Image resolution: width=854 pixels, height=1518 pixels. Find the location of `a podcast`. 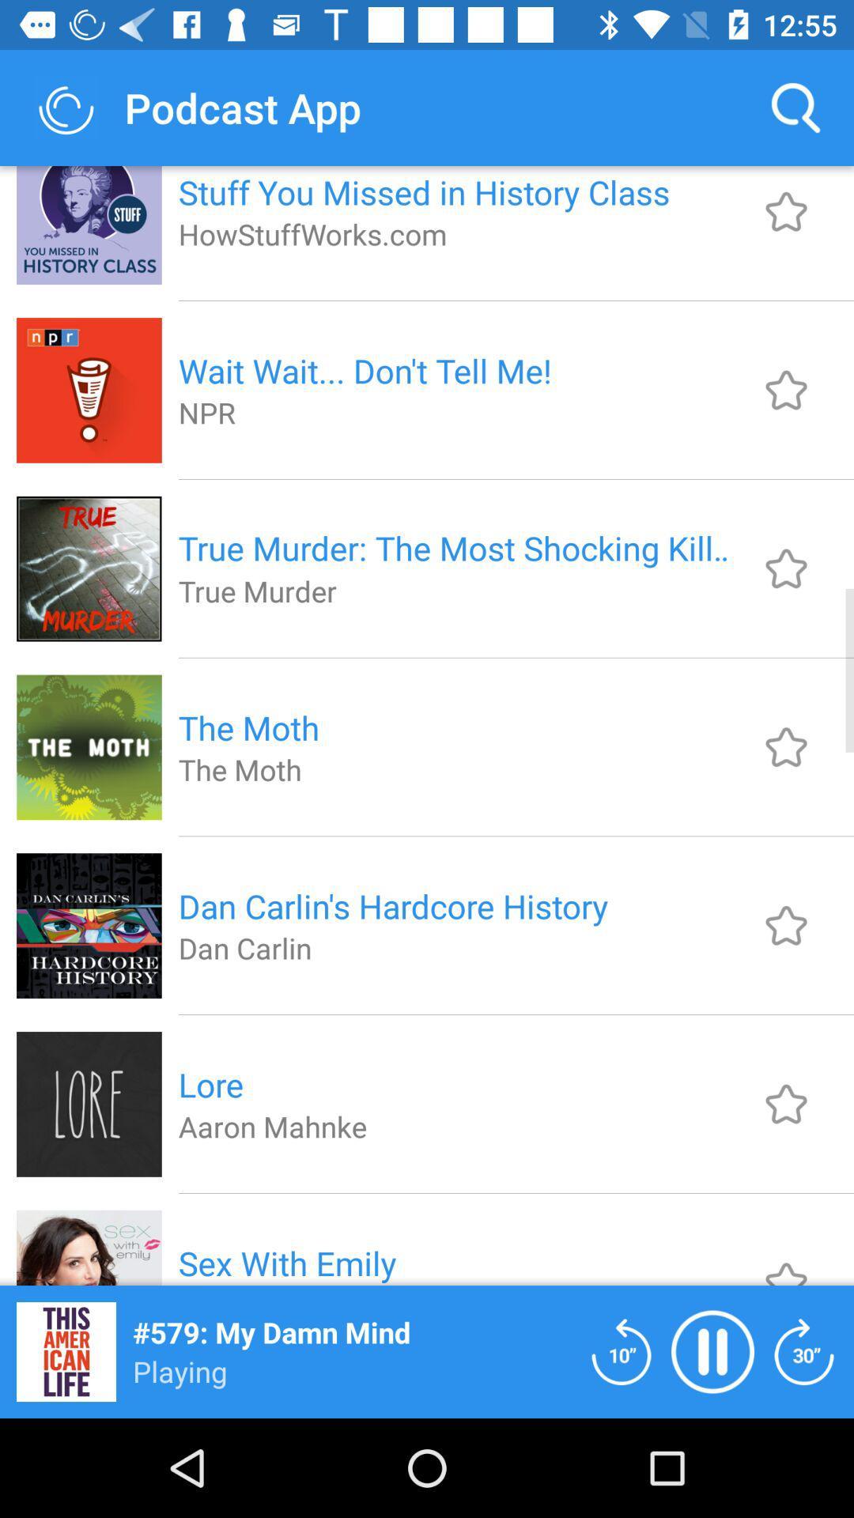

a podcast is located at coordinates (786, 568).